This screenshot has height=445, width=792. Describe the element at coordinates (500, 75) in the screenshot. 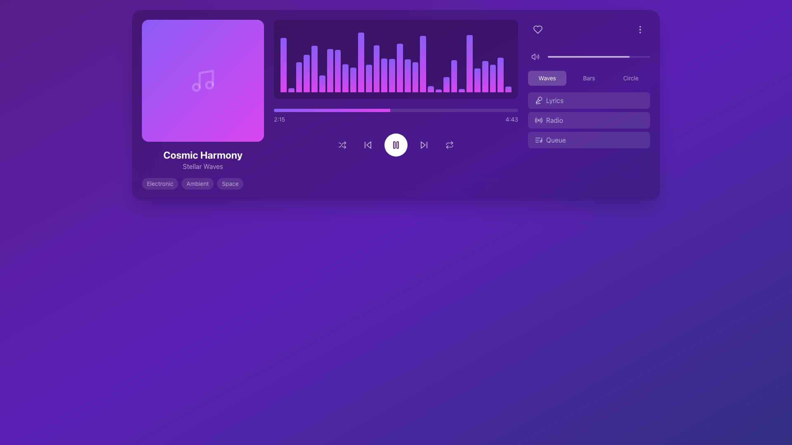

I see `the 28th vertical bar in the audio visualization bar chart, which represents a frequency or amplitude level` at that location.